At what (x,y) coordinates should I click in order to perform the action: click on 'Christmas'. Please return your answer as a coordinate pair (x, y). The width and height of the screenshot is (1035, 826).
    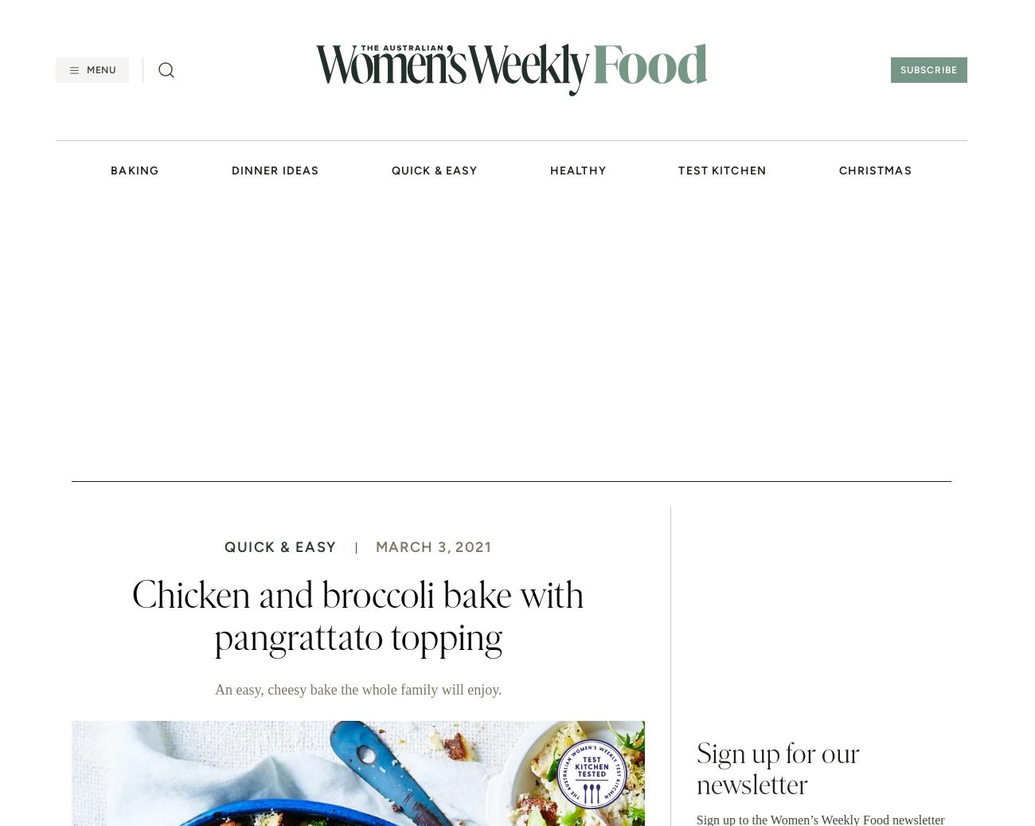
    Looking at the image, I should click on (874, 170).